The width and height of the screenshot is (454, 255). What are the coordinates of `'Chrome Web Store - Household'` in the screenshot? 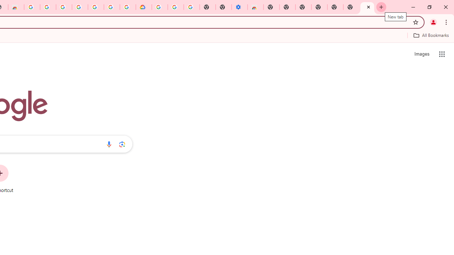 It's located at (16, 7).